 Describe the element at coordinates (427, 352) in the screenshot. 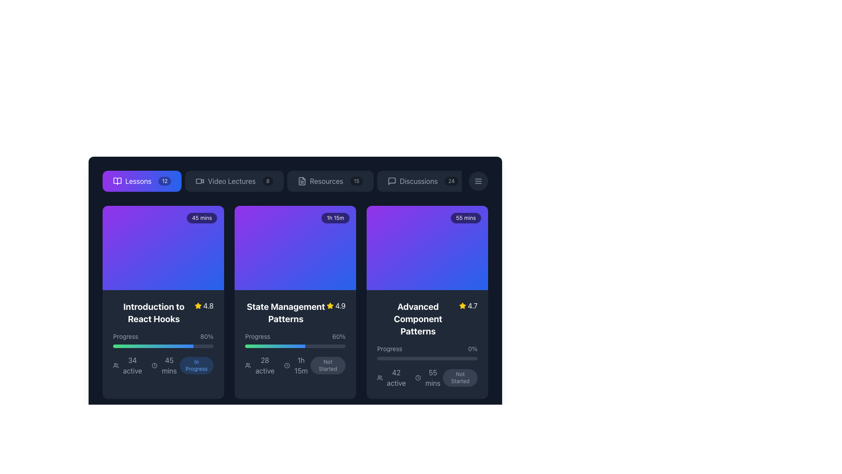

I see `the Progress Indicator element which displays 'Progress' on the left and '0%' on the right, with a horizontal progress bar below it, located in the third column of the layout` at that location.